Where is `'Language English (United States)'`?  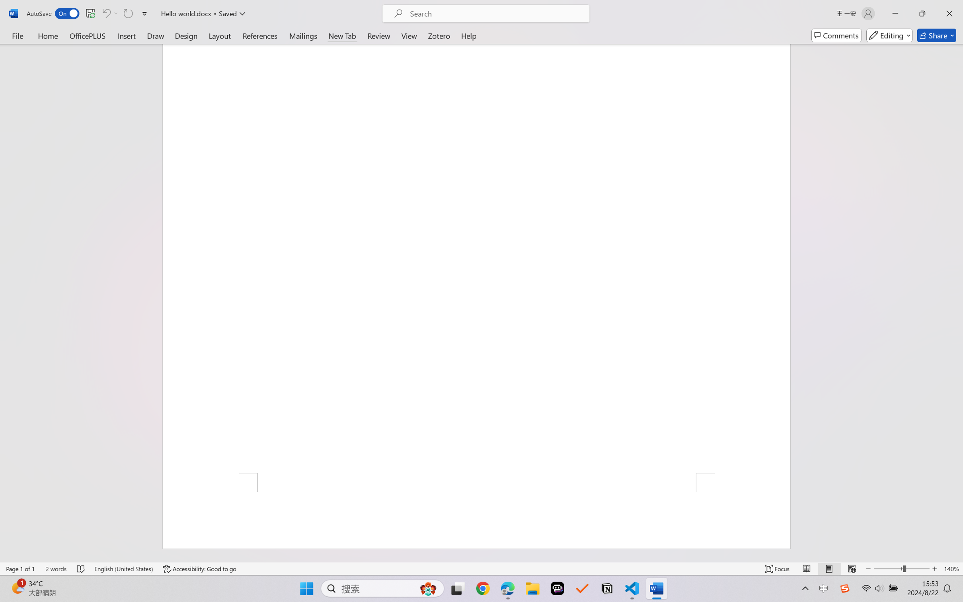
'Language English (United States)' is located at coordinates (123, 569).